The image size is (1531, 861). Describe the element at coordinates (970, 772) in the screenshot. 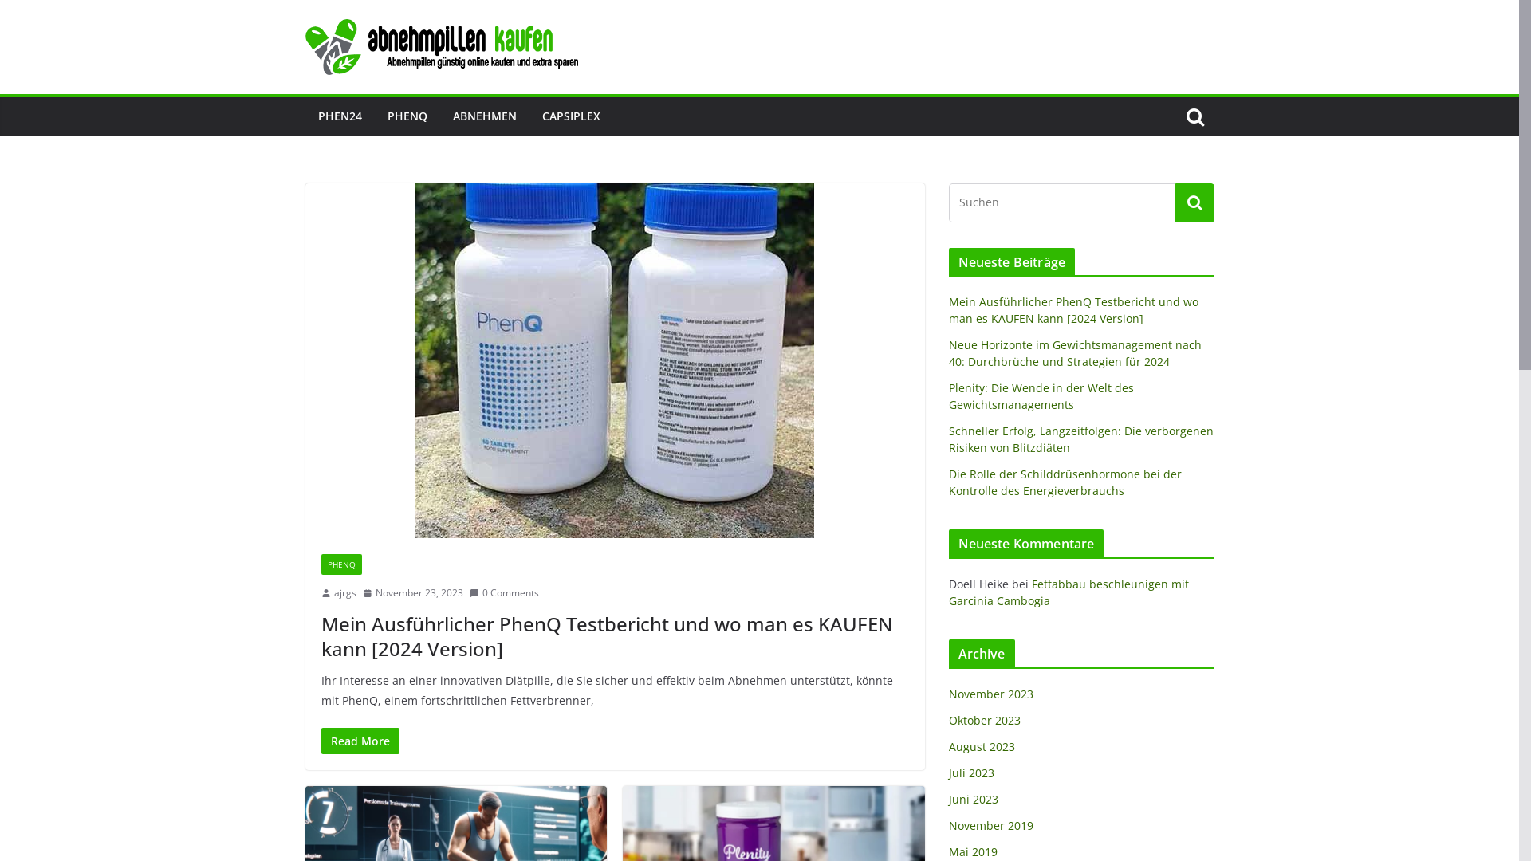

I see `'Juli 2023'` at that location.